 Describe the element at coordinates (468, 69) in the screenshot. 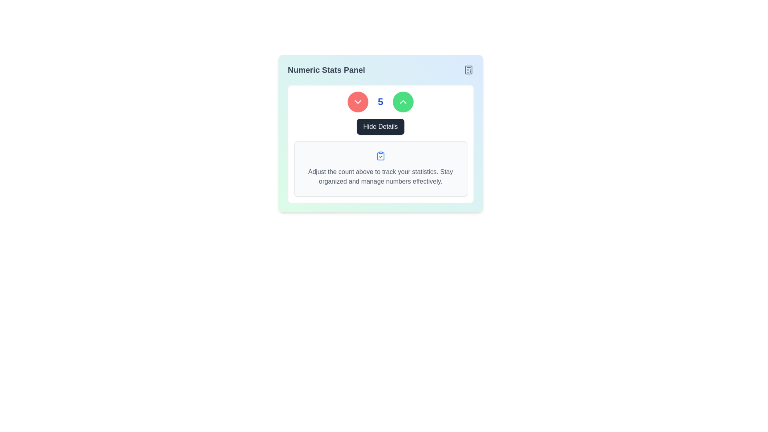

I see `the minimalistic calculator graphical icon located in the upper-right corner of the Numeric Stats Panel` at that location.